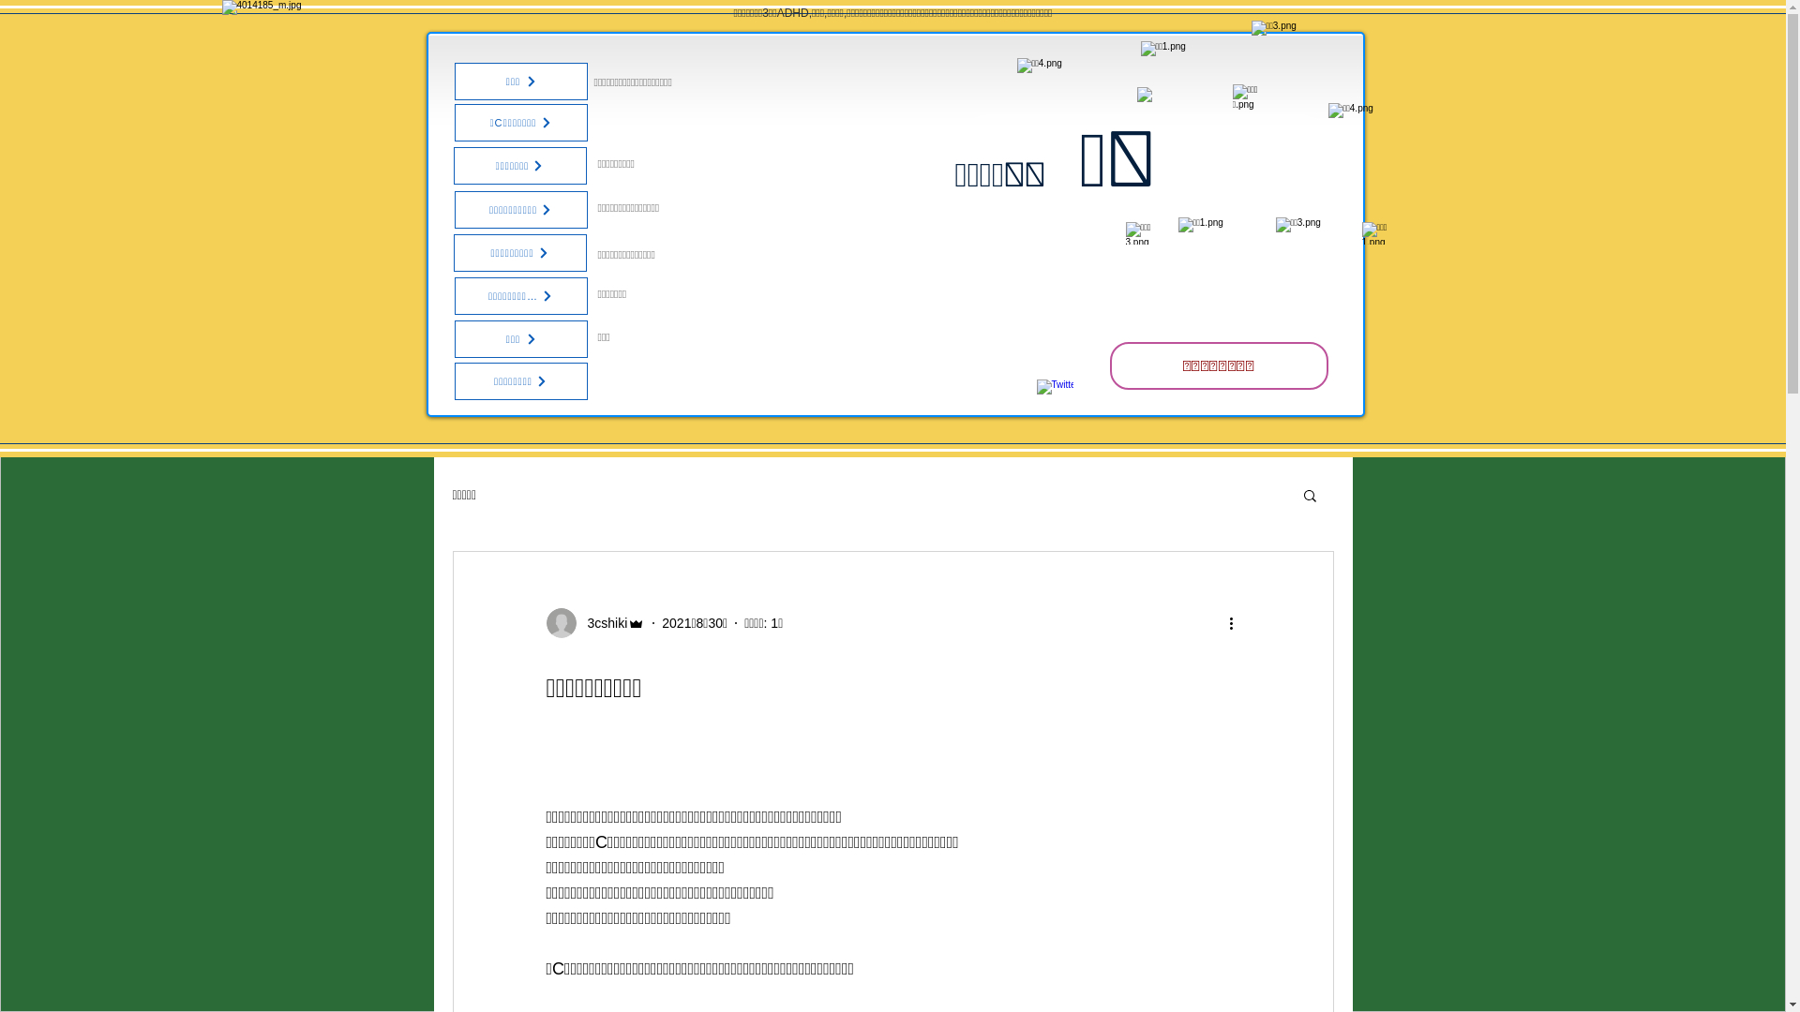  I want to click on '3cshiki', so click(593, 622).